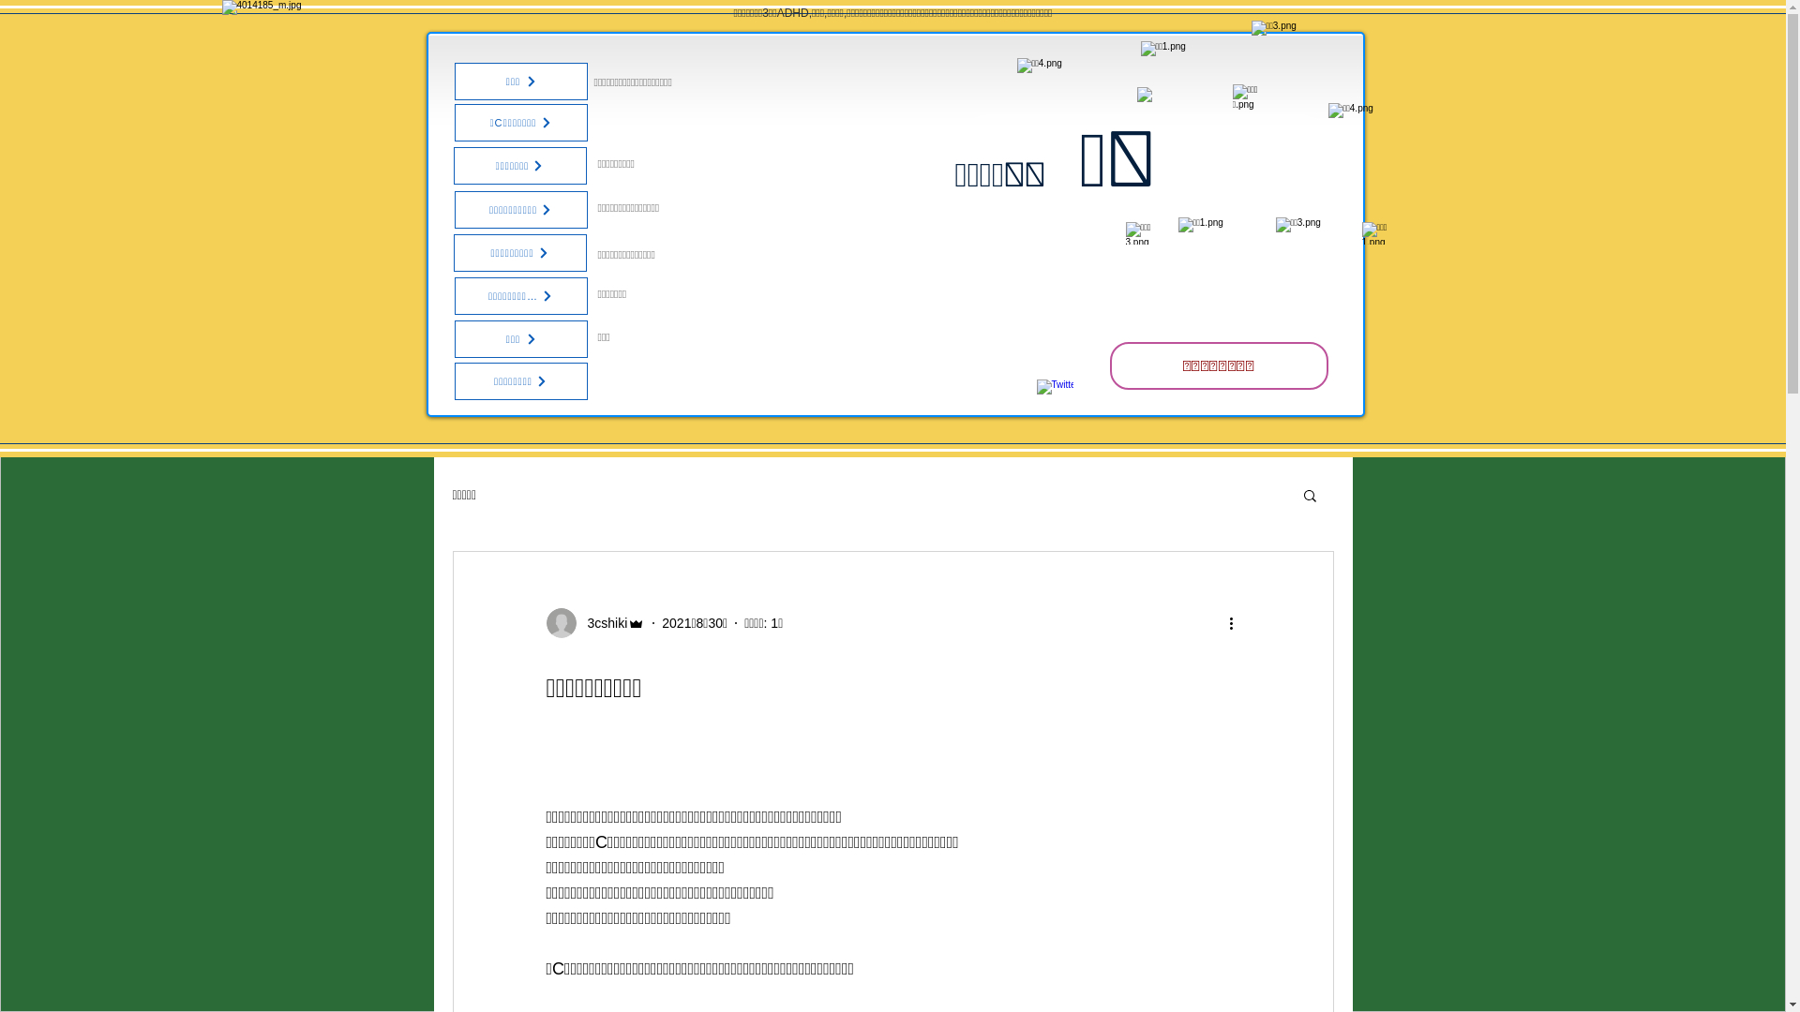  I want to click on '3cshiki', so click(593, 622).